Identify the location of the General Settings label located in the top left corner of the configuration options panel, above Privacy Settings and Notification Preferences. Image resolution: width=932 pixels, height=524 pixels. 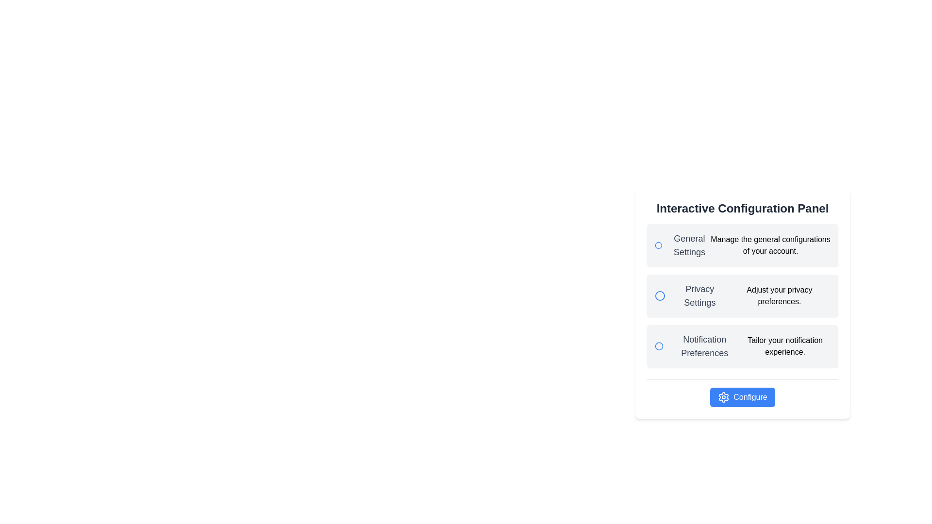
(682, 245).